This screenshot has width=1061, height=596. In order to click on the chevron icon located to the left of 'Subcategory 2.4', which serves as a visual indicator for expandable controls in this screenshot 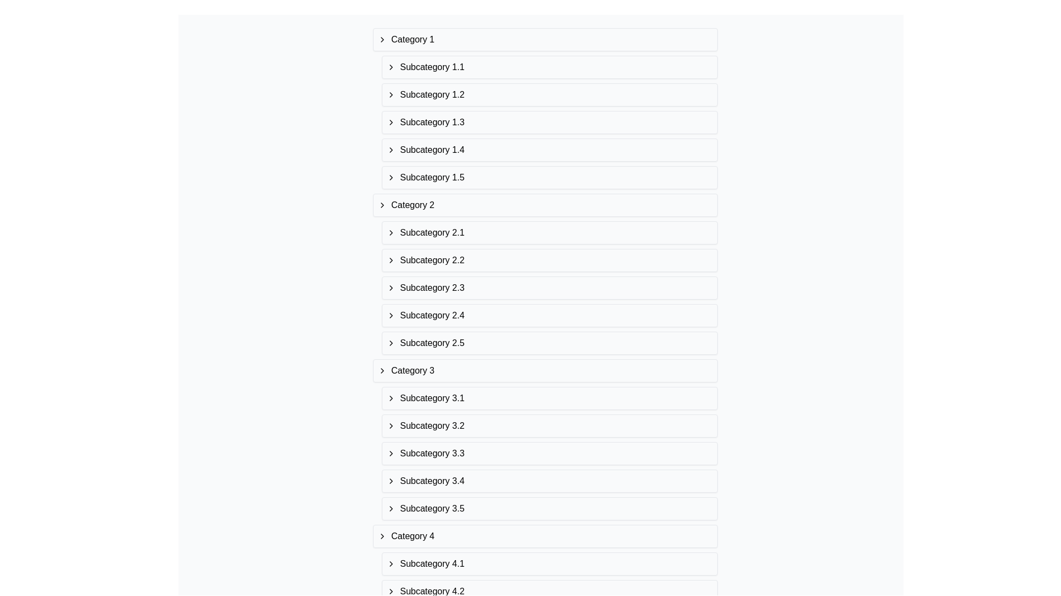, I will do `click(391, 315)`.